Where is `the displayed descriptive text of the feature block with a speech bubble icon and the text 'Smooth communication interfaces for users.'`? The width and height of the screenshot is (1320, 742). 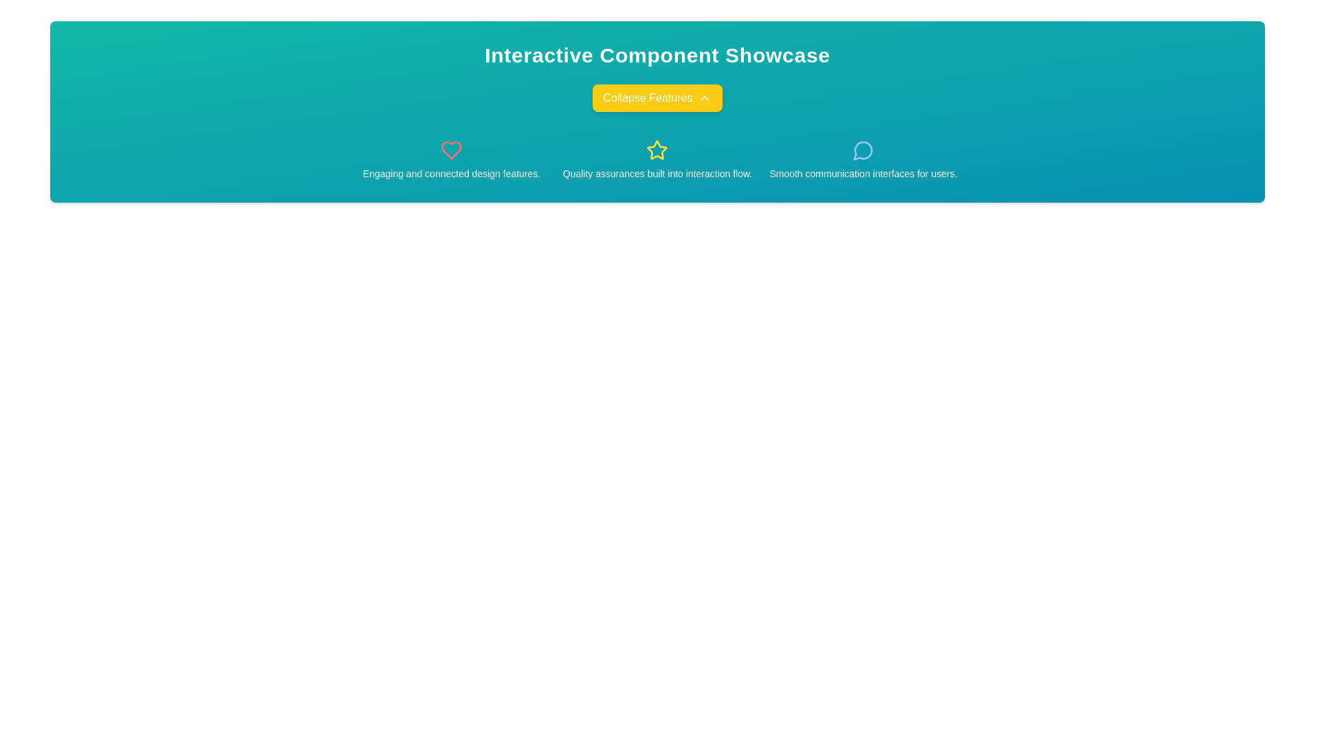
the displayed descriptive text of the feature block with a speech bubble icon and the text 'Smooth communication interfaces for users.' is located at coordinates (863, 159).